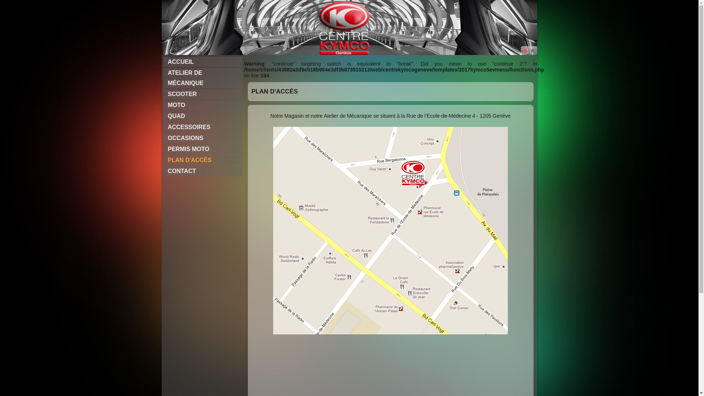 This screenshot has height=396, width=704. What do you see at coordinates (203, 94) in the screenshot?
I see `'SCOOTER'` at bounding box center [203, 94].